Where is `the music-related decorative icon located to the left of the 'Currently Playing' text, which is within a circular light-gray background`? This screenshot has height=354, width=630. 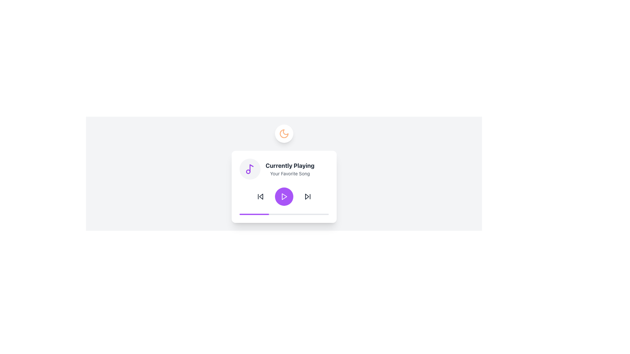
the music-related decorative icon located to the left of the 'Currently Playing' text, which is within a circular light-gray background is located at coordinates (249, 169).